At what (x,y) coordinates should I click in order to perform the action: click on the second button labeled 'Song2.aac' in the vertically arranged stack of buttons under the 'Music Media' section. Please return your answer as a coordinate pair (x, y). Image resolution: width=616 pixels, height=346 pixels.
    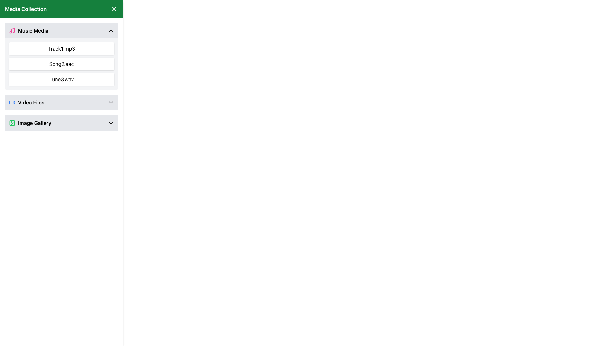
    Looking at the image, I should click on (62, 64).